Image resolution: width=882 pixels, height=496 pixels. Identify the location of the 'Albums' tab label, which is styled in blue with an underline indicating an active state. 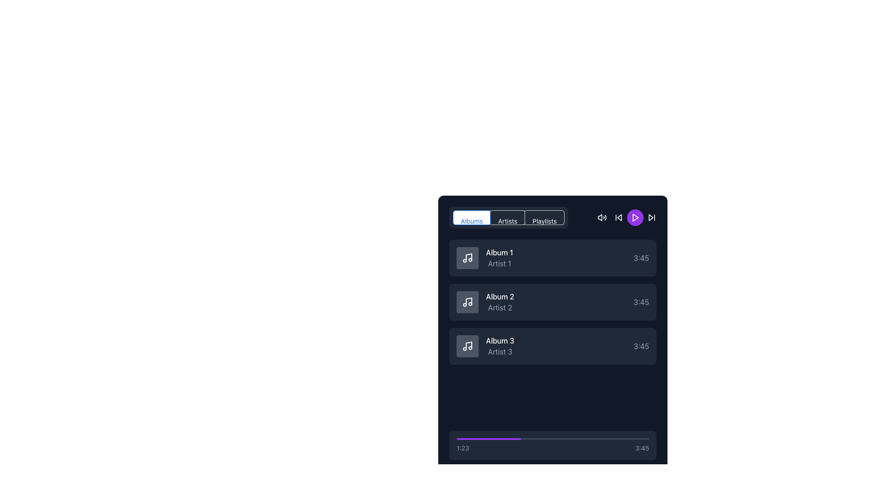
(472, 221).